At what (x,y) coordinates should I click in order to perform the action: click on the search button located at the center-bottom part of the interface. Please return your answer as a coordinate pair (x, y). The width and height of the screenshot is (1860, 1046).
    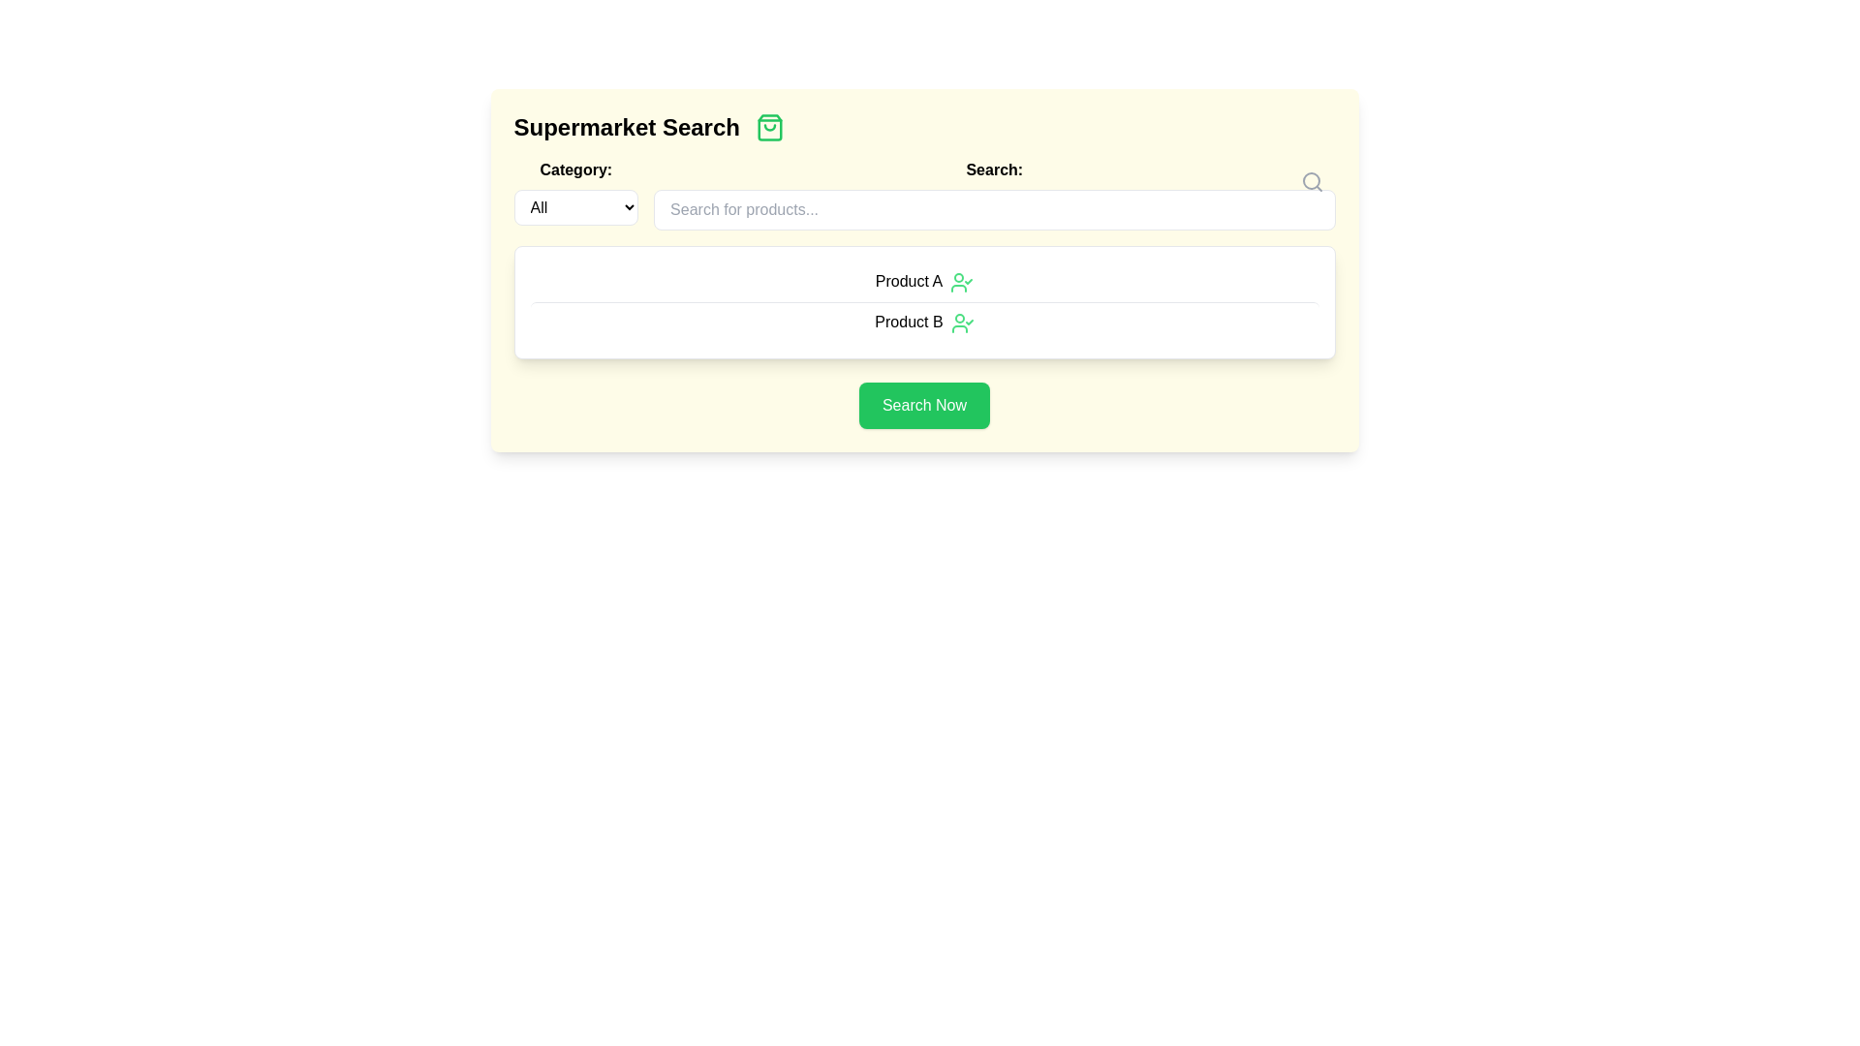
    Looking at the image, I should click on (923, 404).